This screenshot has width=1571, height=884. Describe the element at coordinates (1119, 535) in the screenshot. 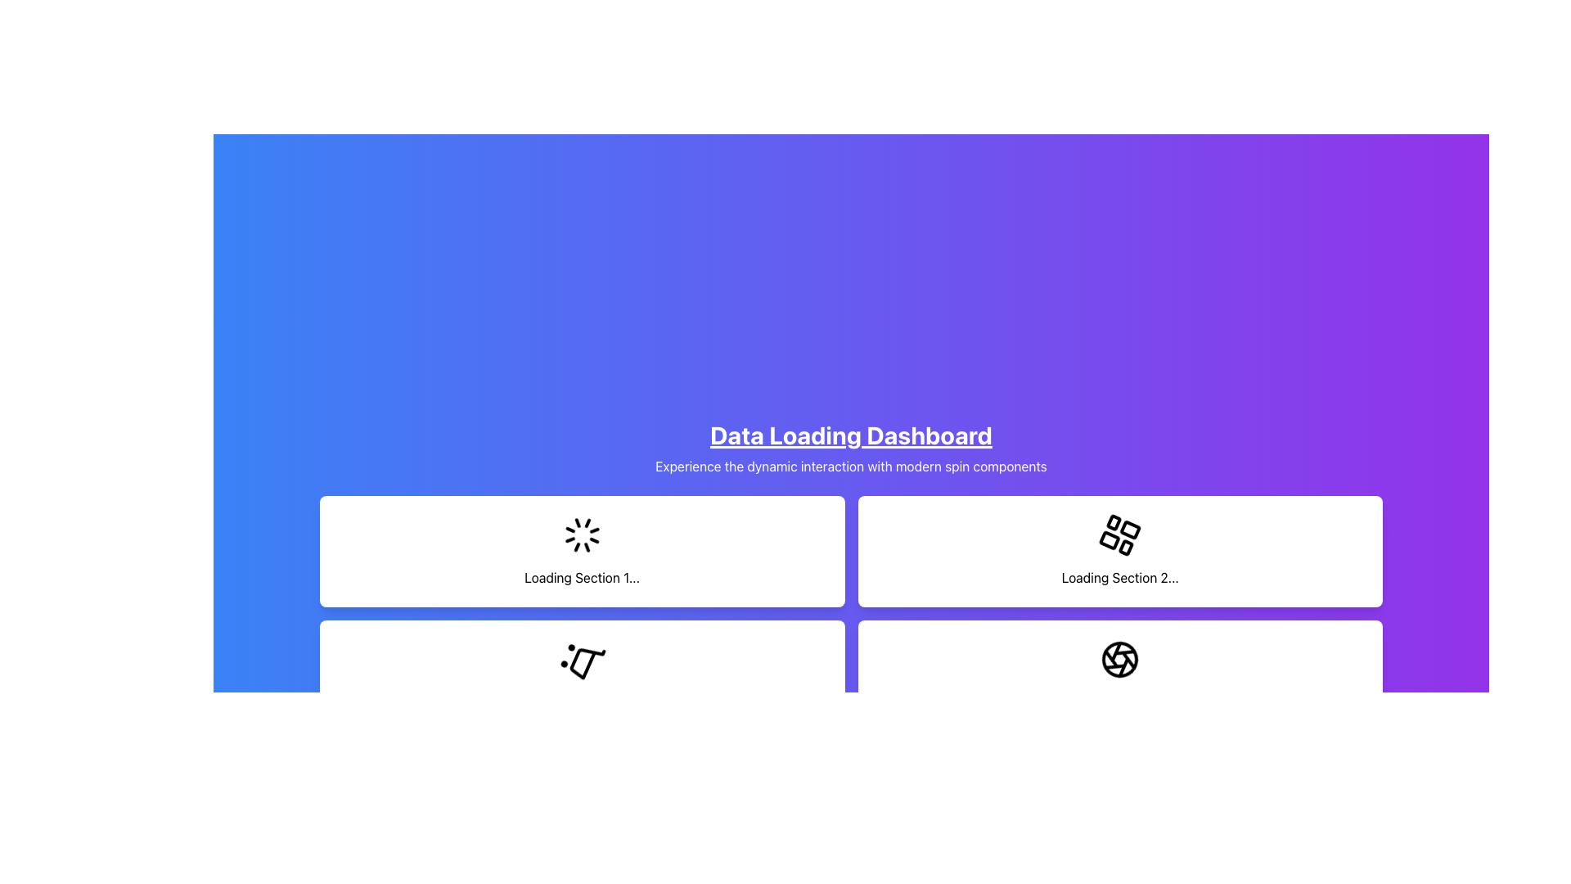

I see `the loading icon located in the top right quadrant of the dashboard interface, which symbolizes activity related to the loading or processing status of 'Loading Section 2...'` at that location.